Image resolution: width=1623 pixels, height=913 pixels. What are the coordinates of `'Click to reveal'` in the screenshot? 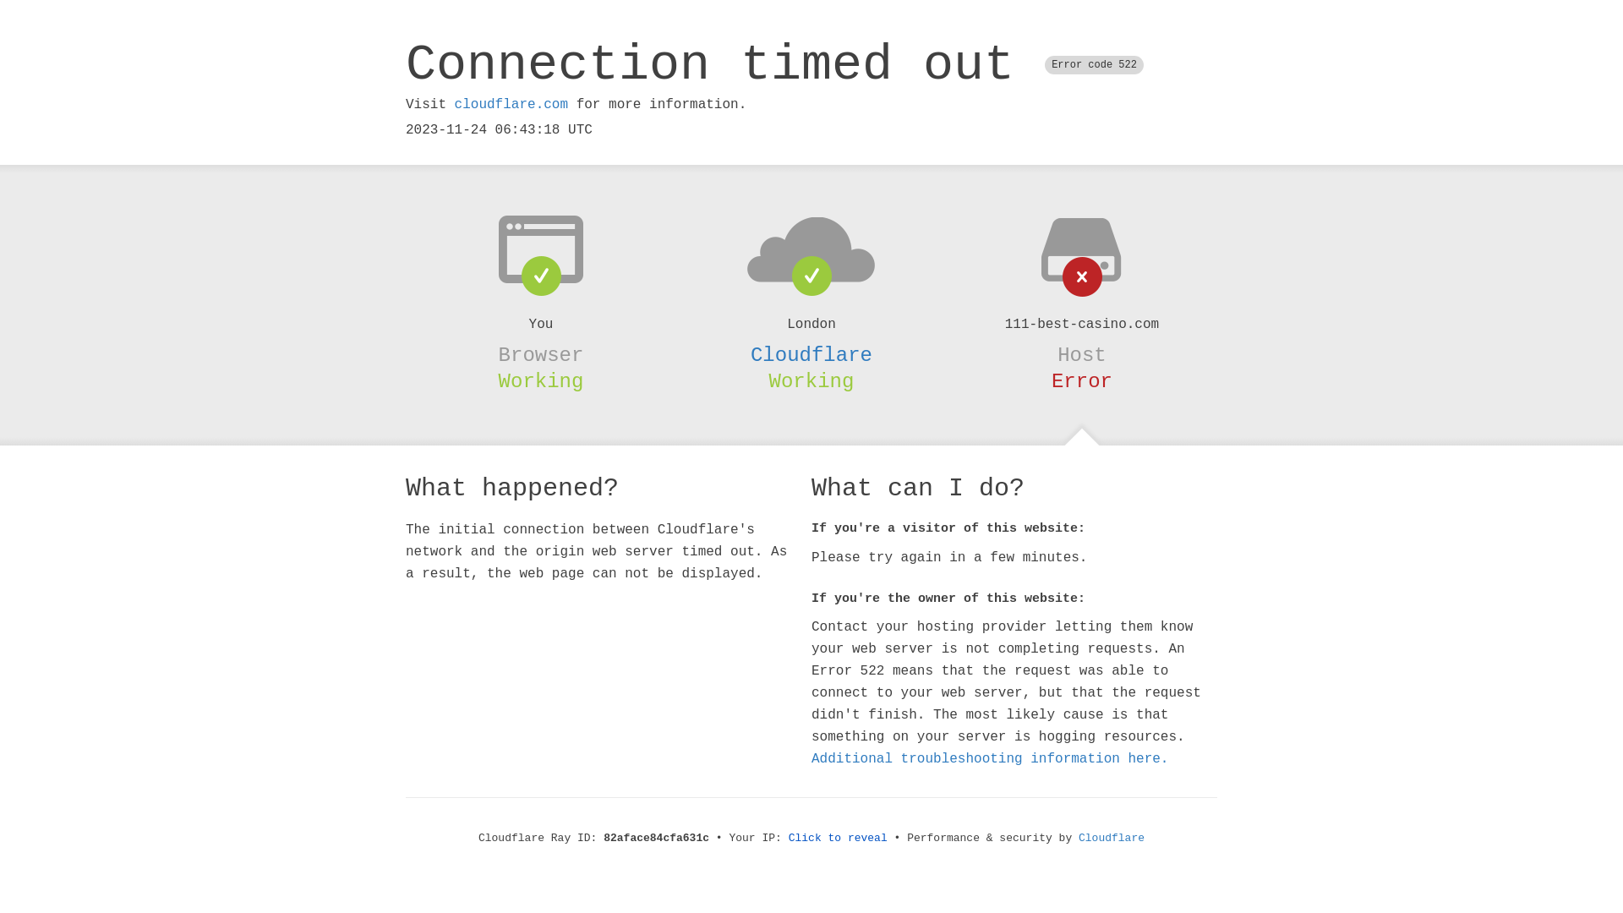 It's located at (838, 838).